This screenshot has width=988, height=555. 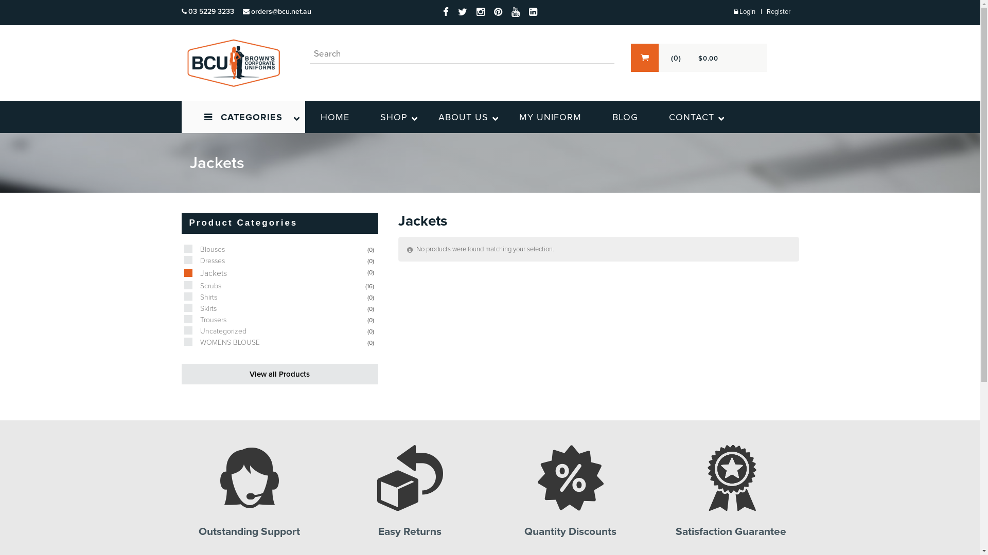 What do you see at coordinates (181, 319) in the screenshot?
I see `'Trousers'` at bounding box center [181, 319].